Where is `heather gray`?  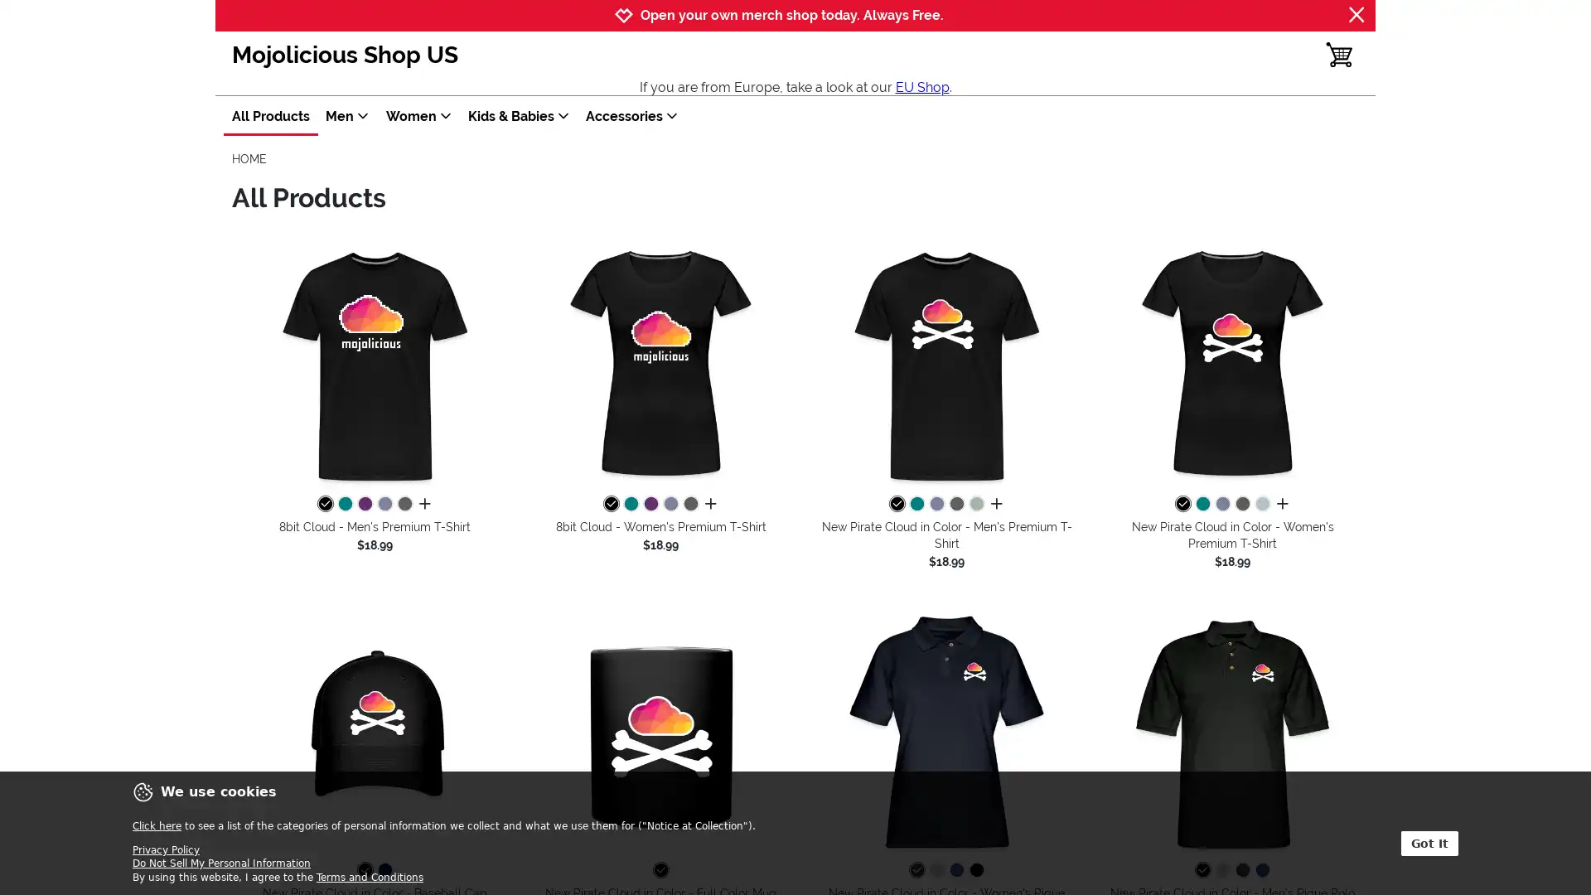
heather gray is located at coordinates (1221, 870).